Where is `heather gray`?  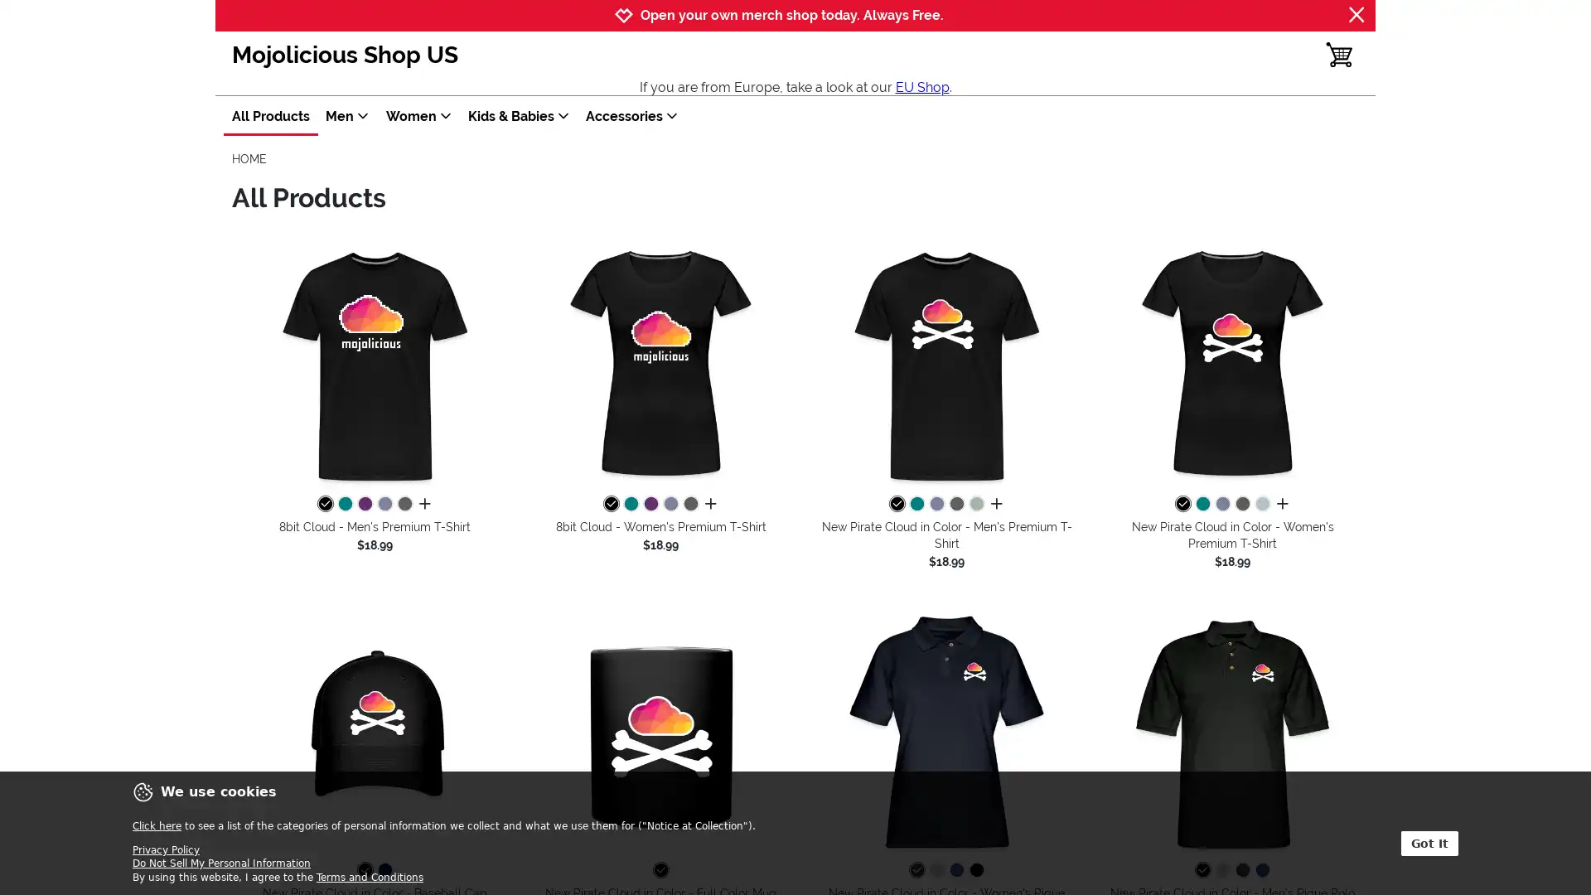
heather gray is located at coordinates (1221, 870).